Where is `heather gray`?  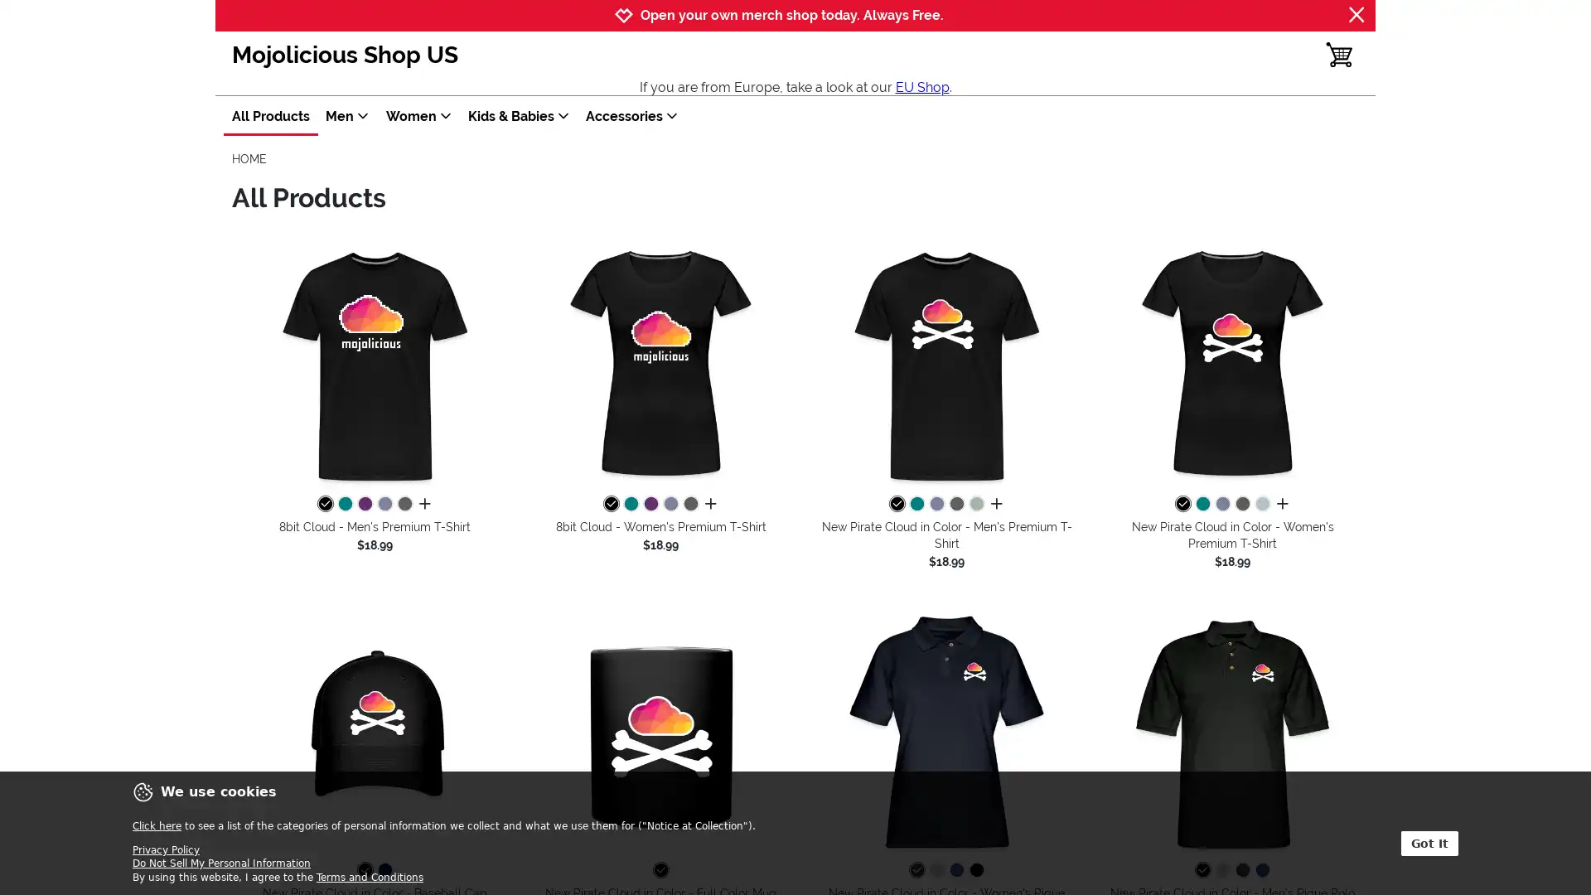
heather gray is located at coordinates (1221, 870).